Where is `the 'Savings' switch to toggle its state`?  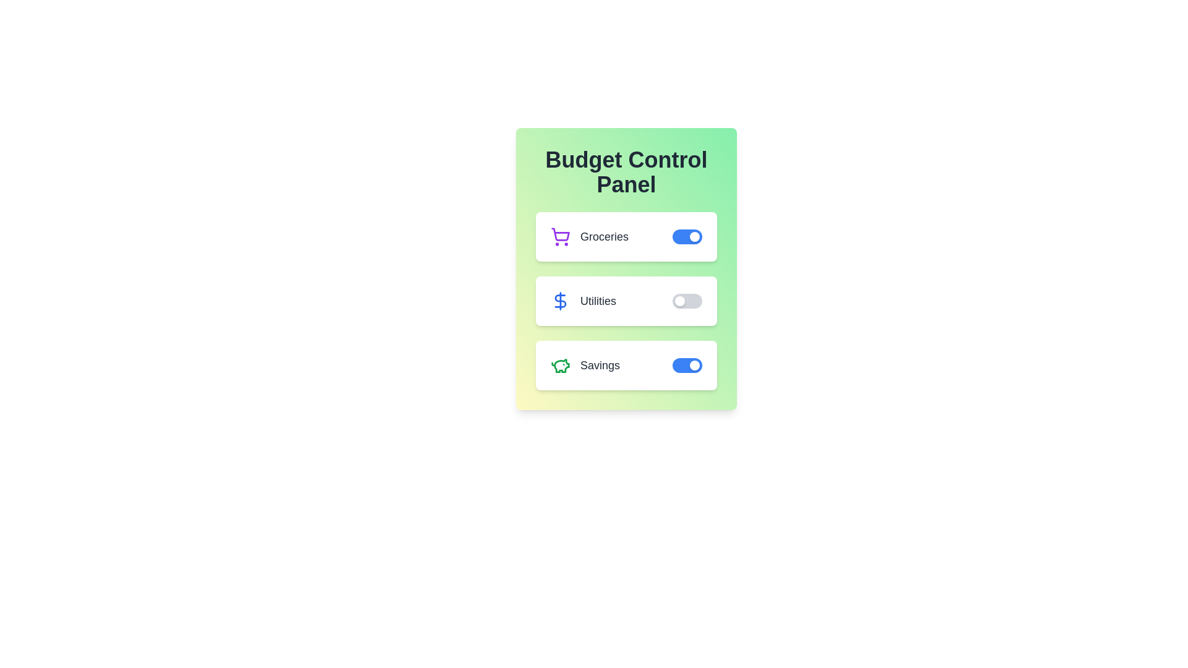 the 'Savings' switch to toggle its state is located at coordinates (686, 364).